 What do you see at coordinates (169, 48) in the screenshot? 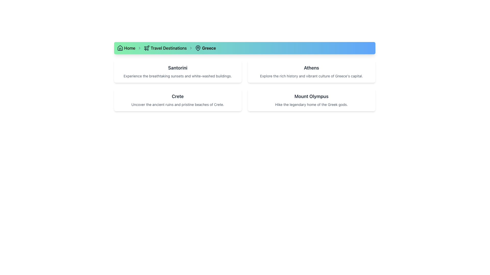
I see `the text label 'Travel Destinations' located in the navigation bar, positioned between an airplane icon and the text 'Greece'` at bounding box center [169, 48].